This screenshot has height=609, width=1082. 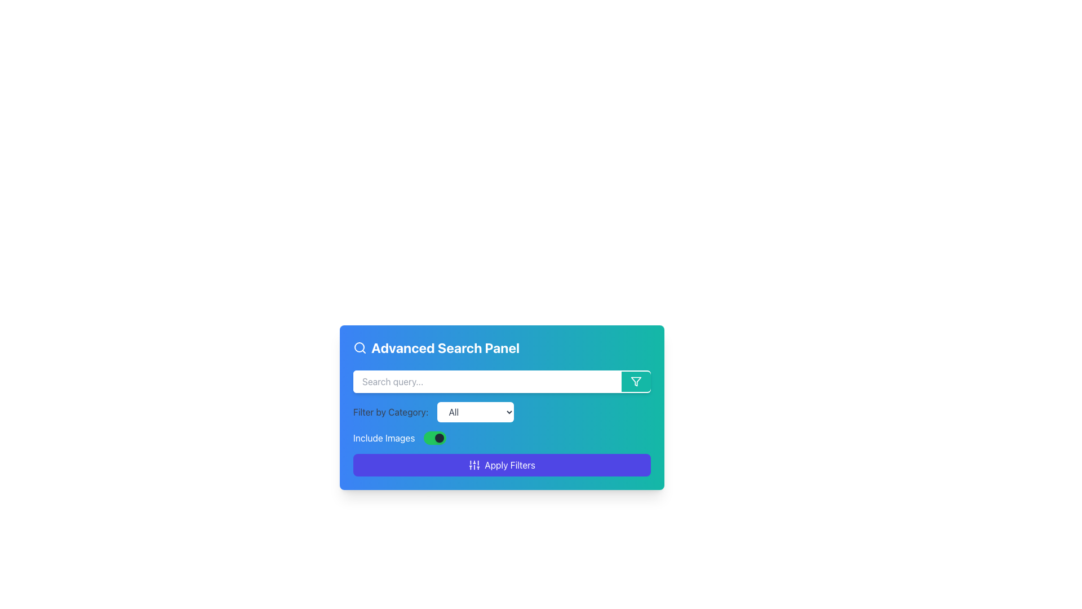 I want to click on the downward arrow of the 'Filter by Category' dropdown menu located within the 'Advanced Search Panel', so click(x=502, y=407).